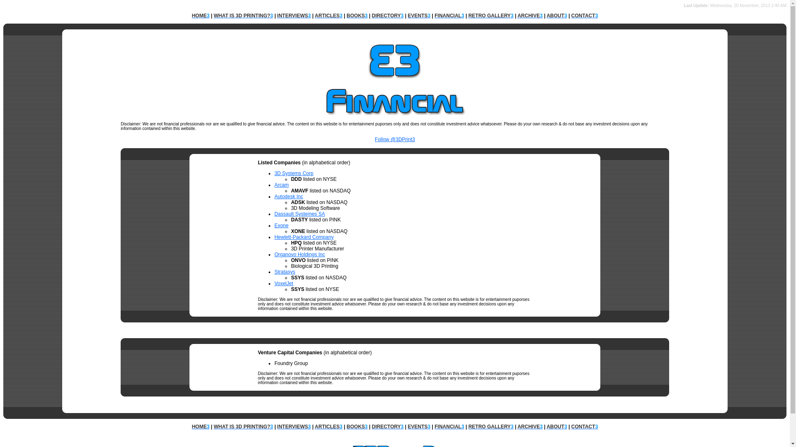  I want to click on 'Arcam', so click(274, 185).